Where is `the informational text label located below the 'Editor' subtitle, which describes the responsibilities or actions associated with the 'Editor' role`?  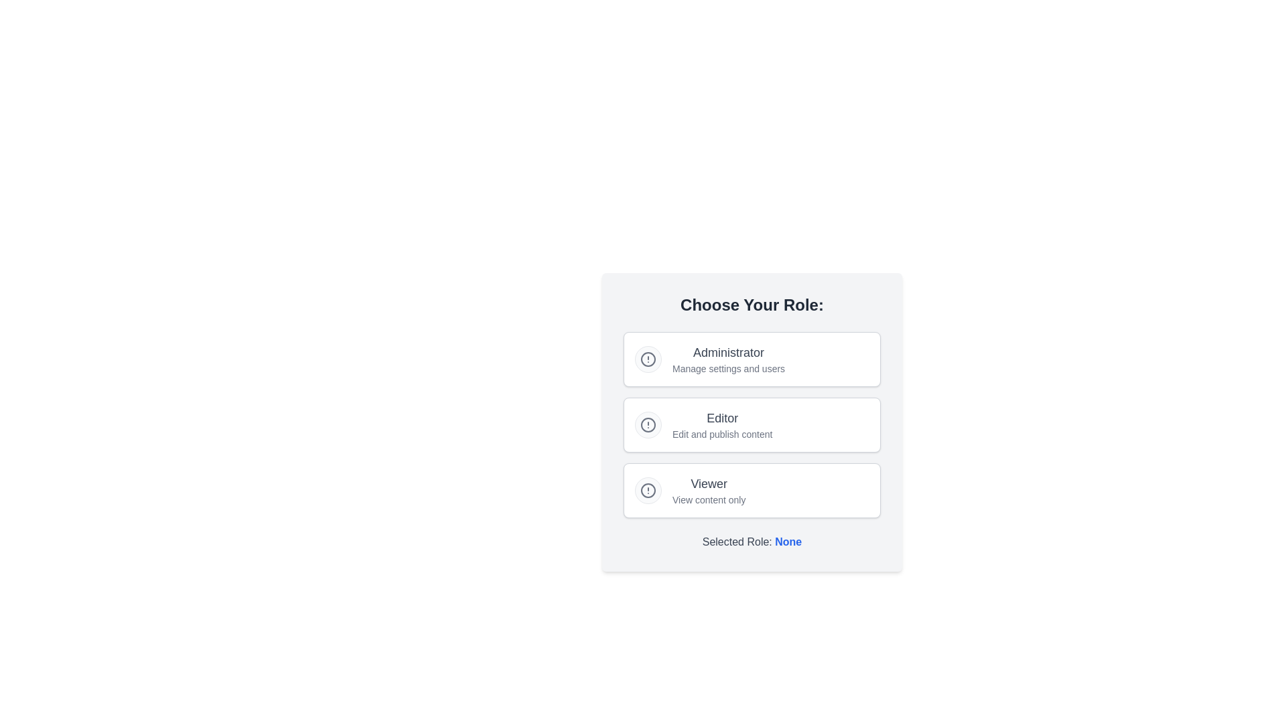 the informational text label located below the 'Editor' subtitle, which describes the responsibilities or actions associated with the 'Editor' role is located at coordinates (721, 434).